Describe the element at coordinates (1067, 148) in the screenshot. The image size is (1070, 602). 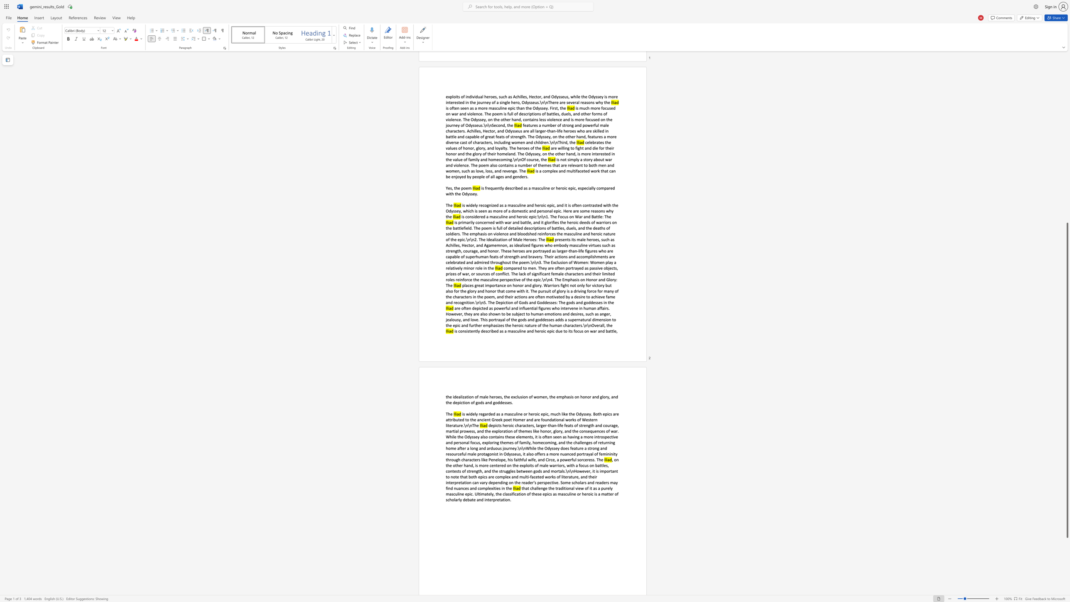
I see `the scrollbar to move the view up` at that location.